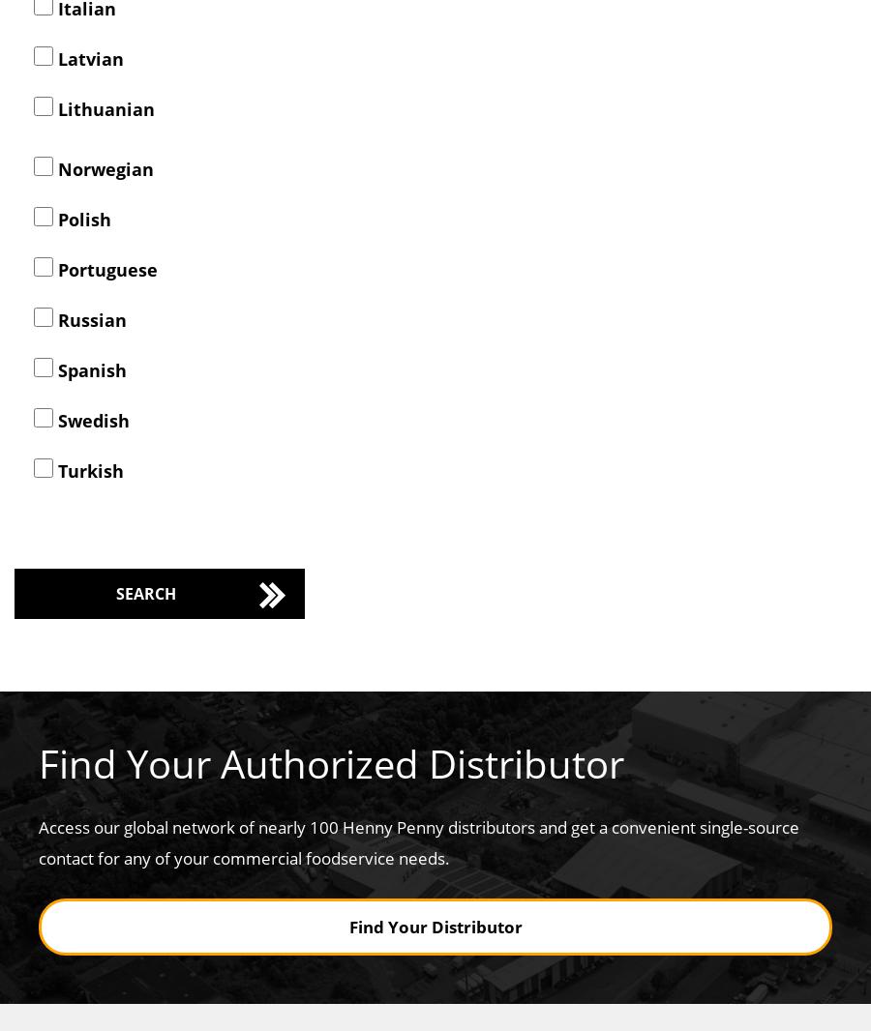 The width and height of the screenshot is (871, 1031). I want to click on 'Find Your Distributor', so click(348, 926).